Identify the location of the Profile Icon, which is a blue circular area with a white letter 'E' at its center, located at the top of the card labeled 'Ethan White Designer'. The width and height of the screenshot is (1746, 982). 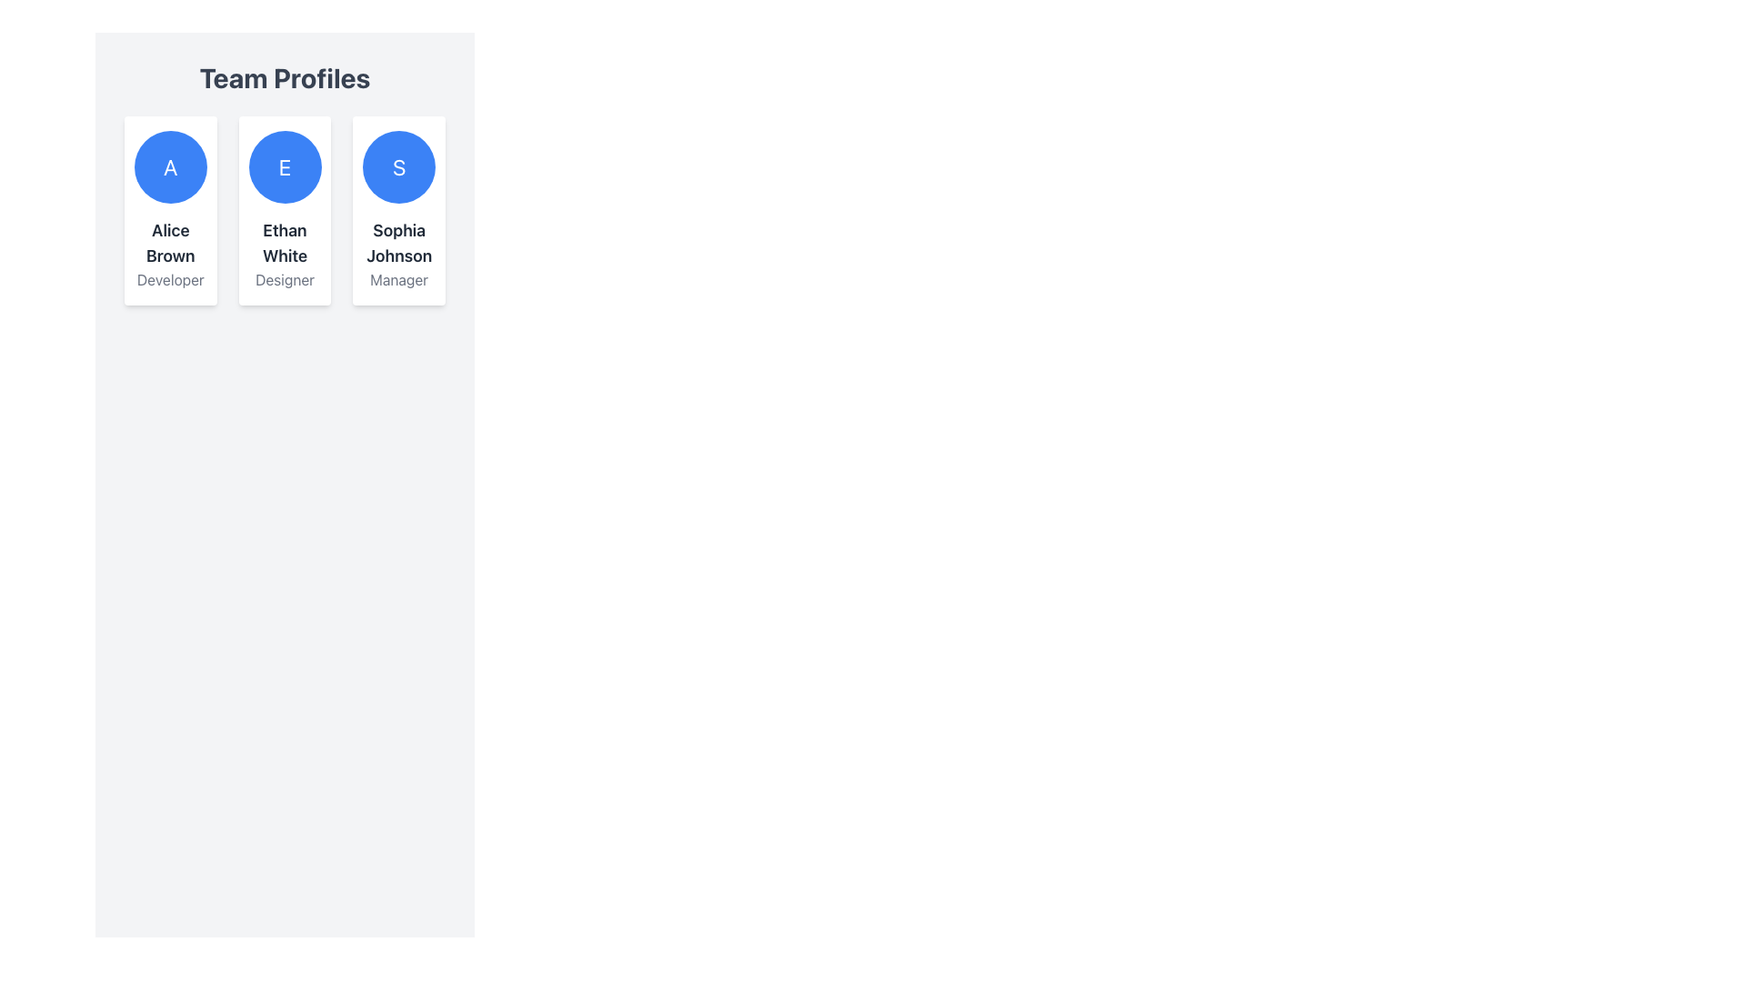
(284, 167).